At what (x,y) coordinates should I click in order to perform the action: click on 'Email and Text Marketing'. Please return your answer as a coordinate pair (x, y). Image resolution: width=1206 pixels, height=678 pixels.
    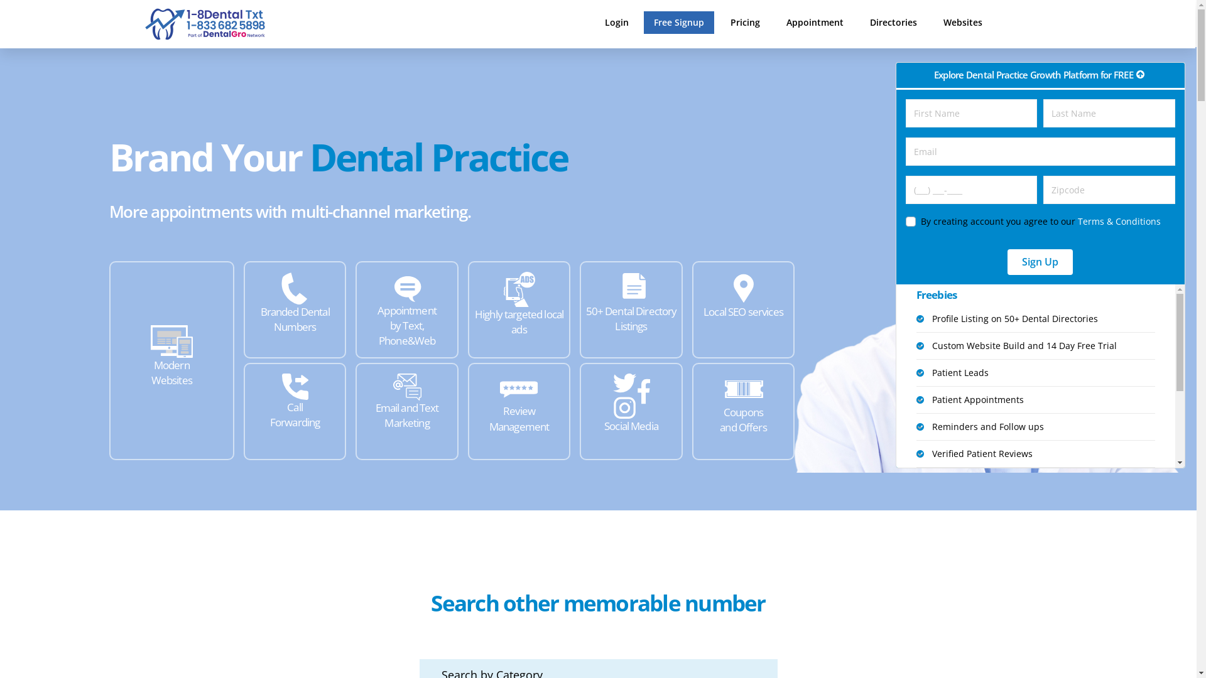
    Looking at the image, I should click on (406, 411).